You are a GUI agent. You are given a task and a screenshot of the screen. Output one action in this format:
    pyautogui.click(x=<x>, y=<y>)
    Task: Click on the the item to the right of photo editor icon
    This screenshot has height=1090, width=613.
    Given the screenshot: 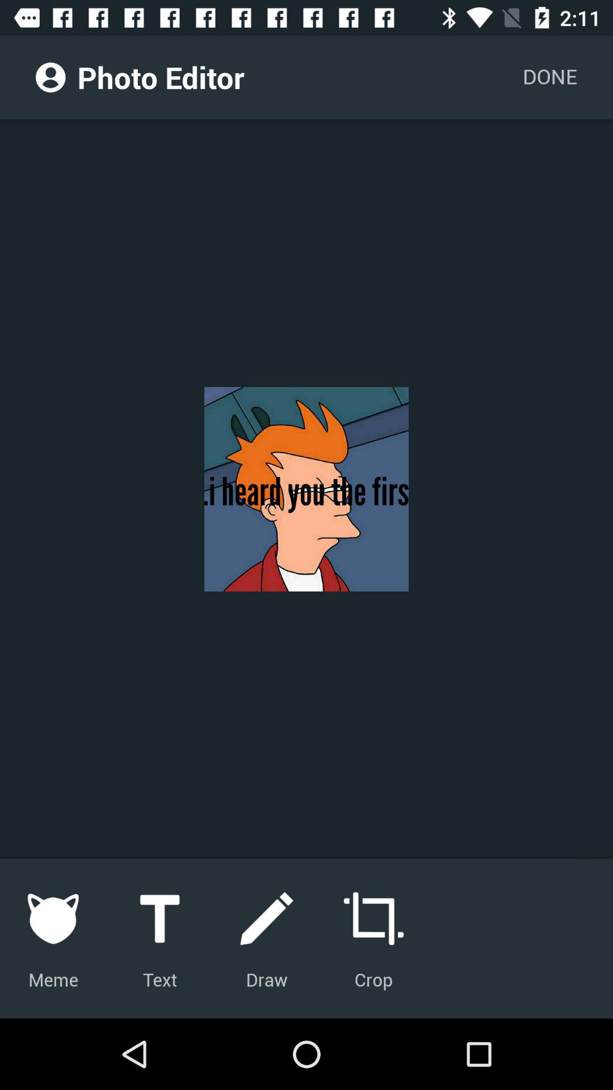 What is the action you would take?
    pyautogui.click(x=549, y=77)
    